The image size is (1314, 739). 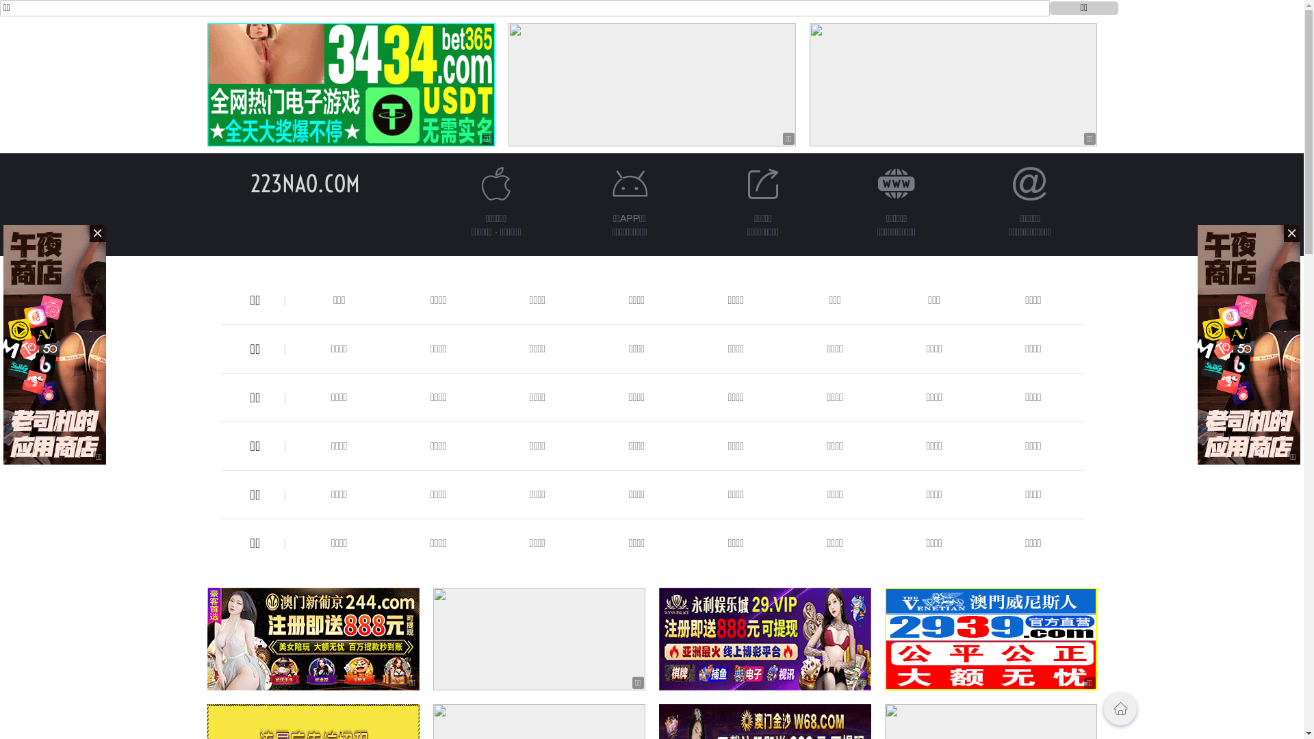 What do you see at coordinates (305, 183) in the screenshot?
I see `'223NAO.COM'` at bounding box center [305, 183].